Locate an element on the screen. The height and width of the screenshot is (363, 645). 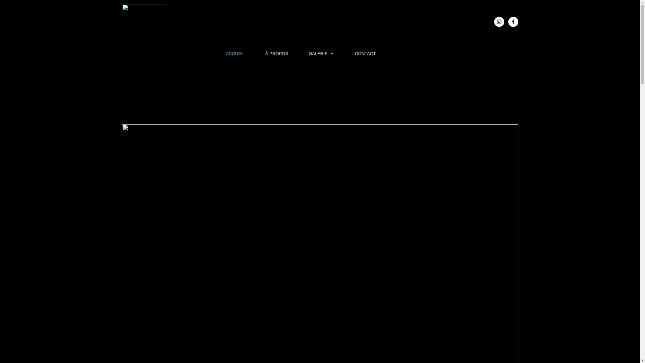
'CONTACT' is located at coordinates (365, 53).